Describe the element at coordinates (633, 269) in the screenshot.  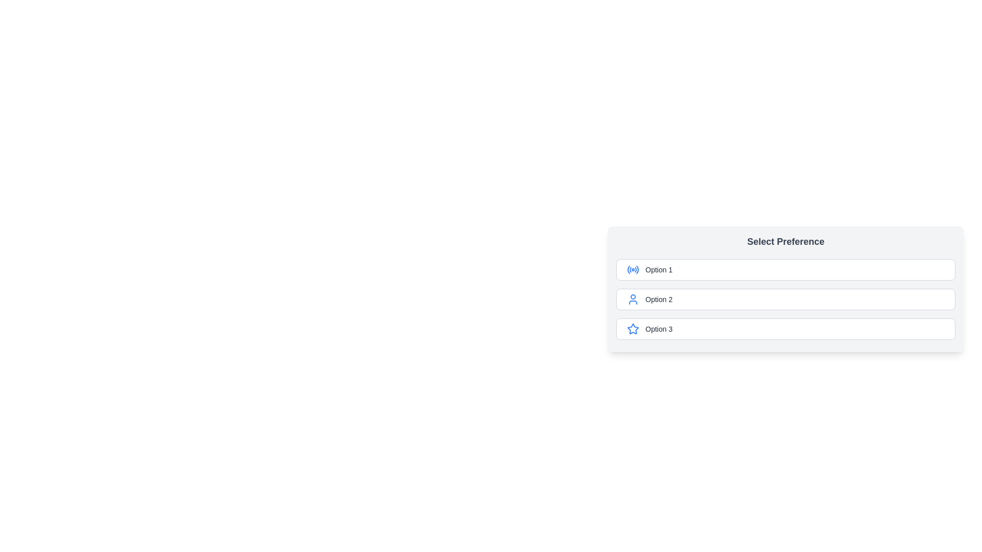
I see `the icon representing 'Option 1' in the selection list, which is the first option in the vertical list` at that location.